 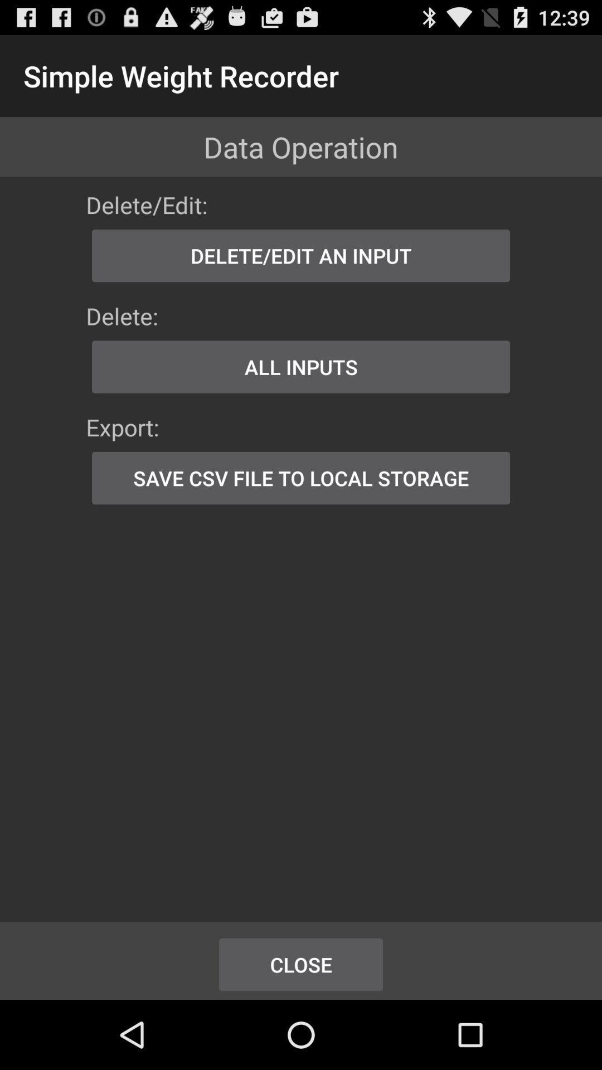 What do you see at coordinates (301, 964) in the screenshot?
I see `the close` at bounding box center [301, 964].